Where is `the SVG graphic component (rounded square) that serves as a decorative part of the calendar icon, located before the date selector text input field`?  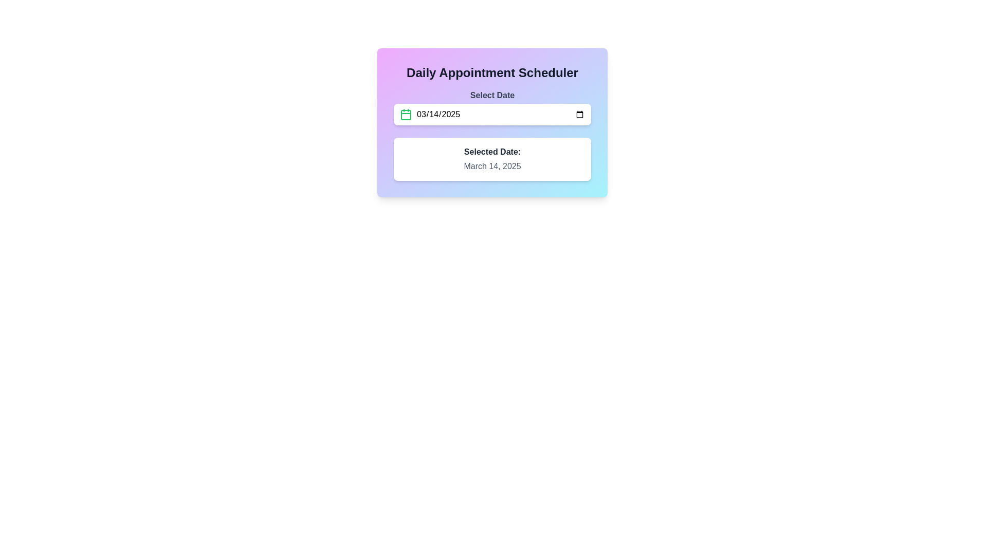 the SVG graphic component (rounded square) that serves as a decorative part of the calendar icon, located before the date selector text input field is located at coordinates (406, 115).